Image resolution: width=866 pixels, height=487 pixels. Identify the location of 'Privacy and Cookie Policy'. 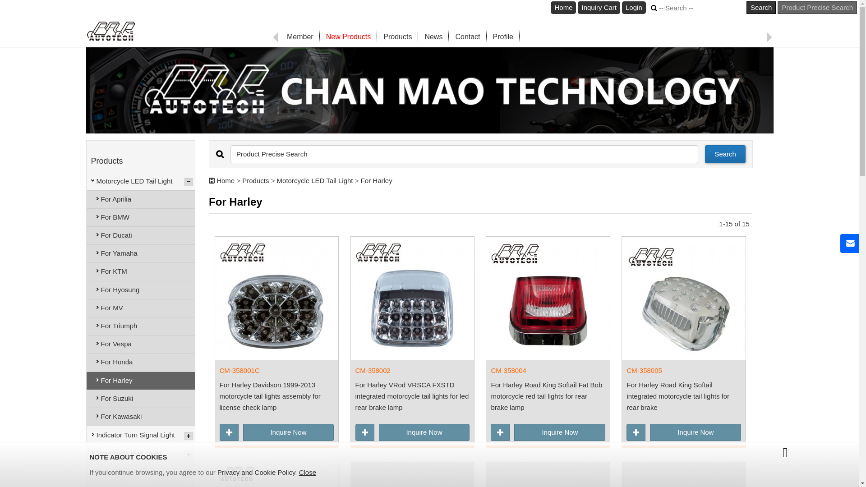
(255, 472).